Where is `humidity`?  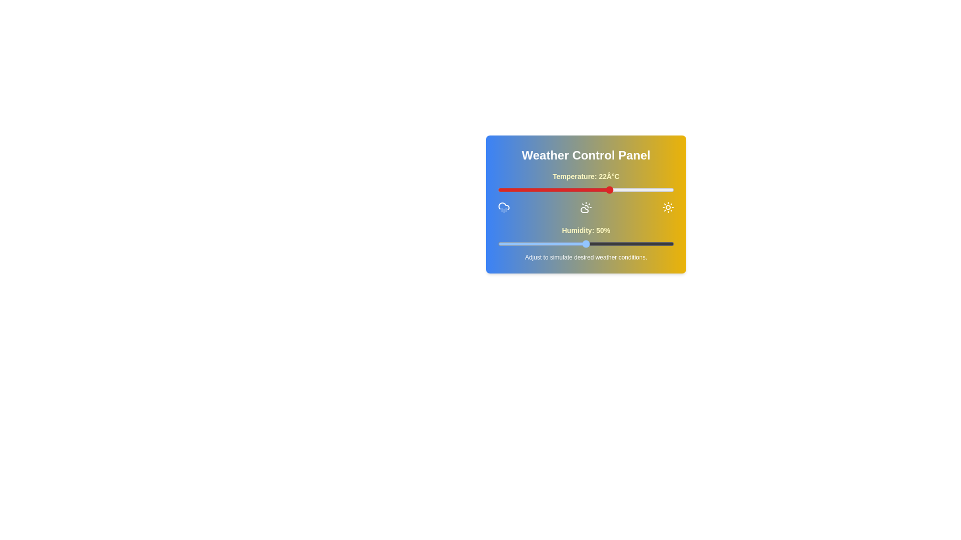 humidity is located at coordinates (617, 244).